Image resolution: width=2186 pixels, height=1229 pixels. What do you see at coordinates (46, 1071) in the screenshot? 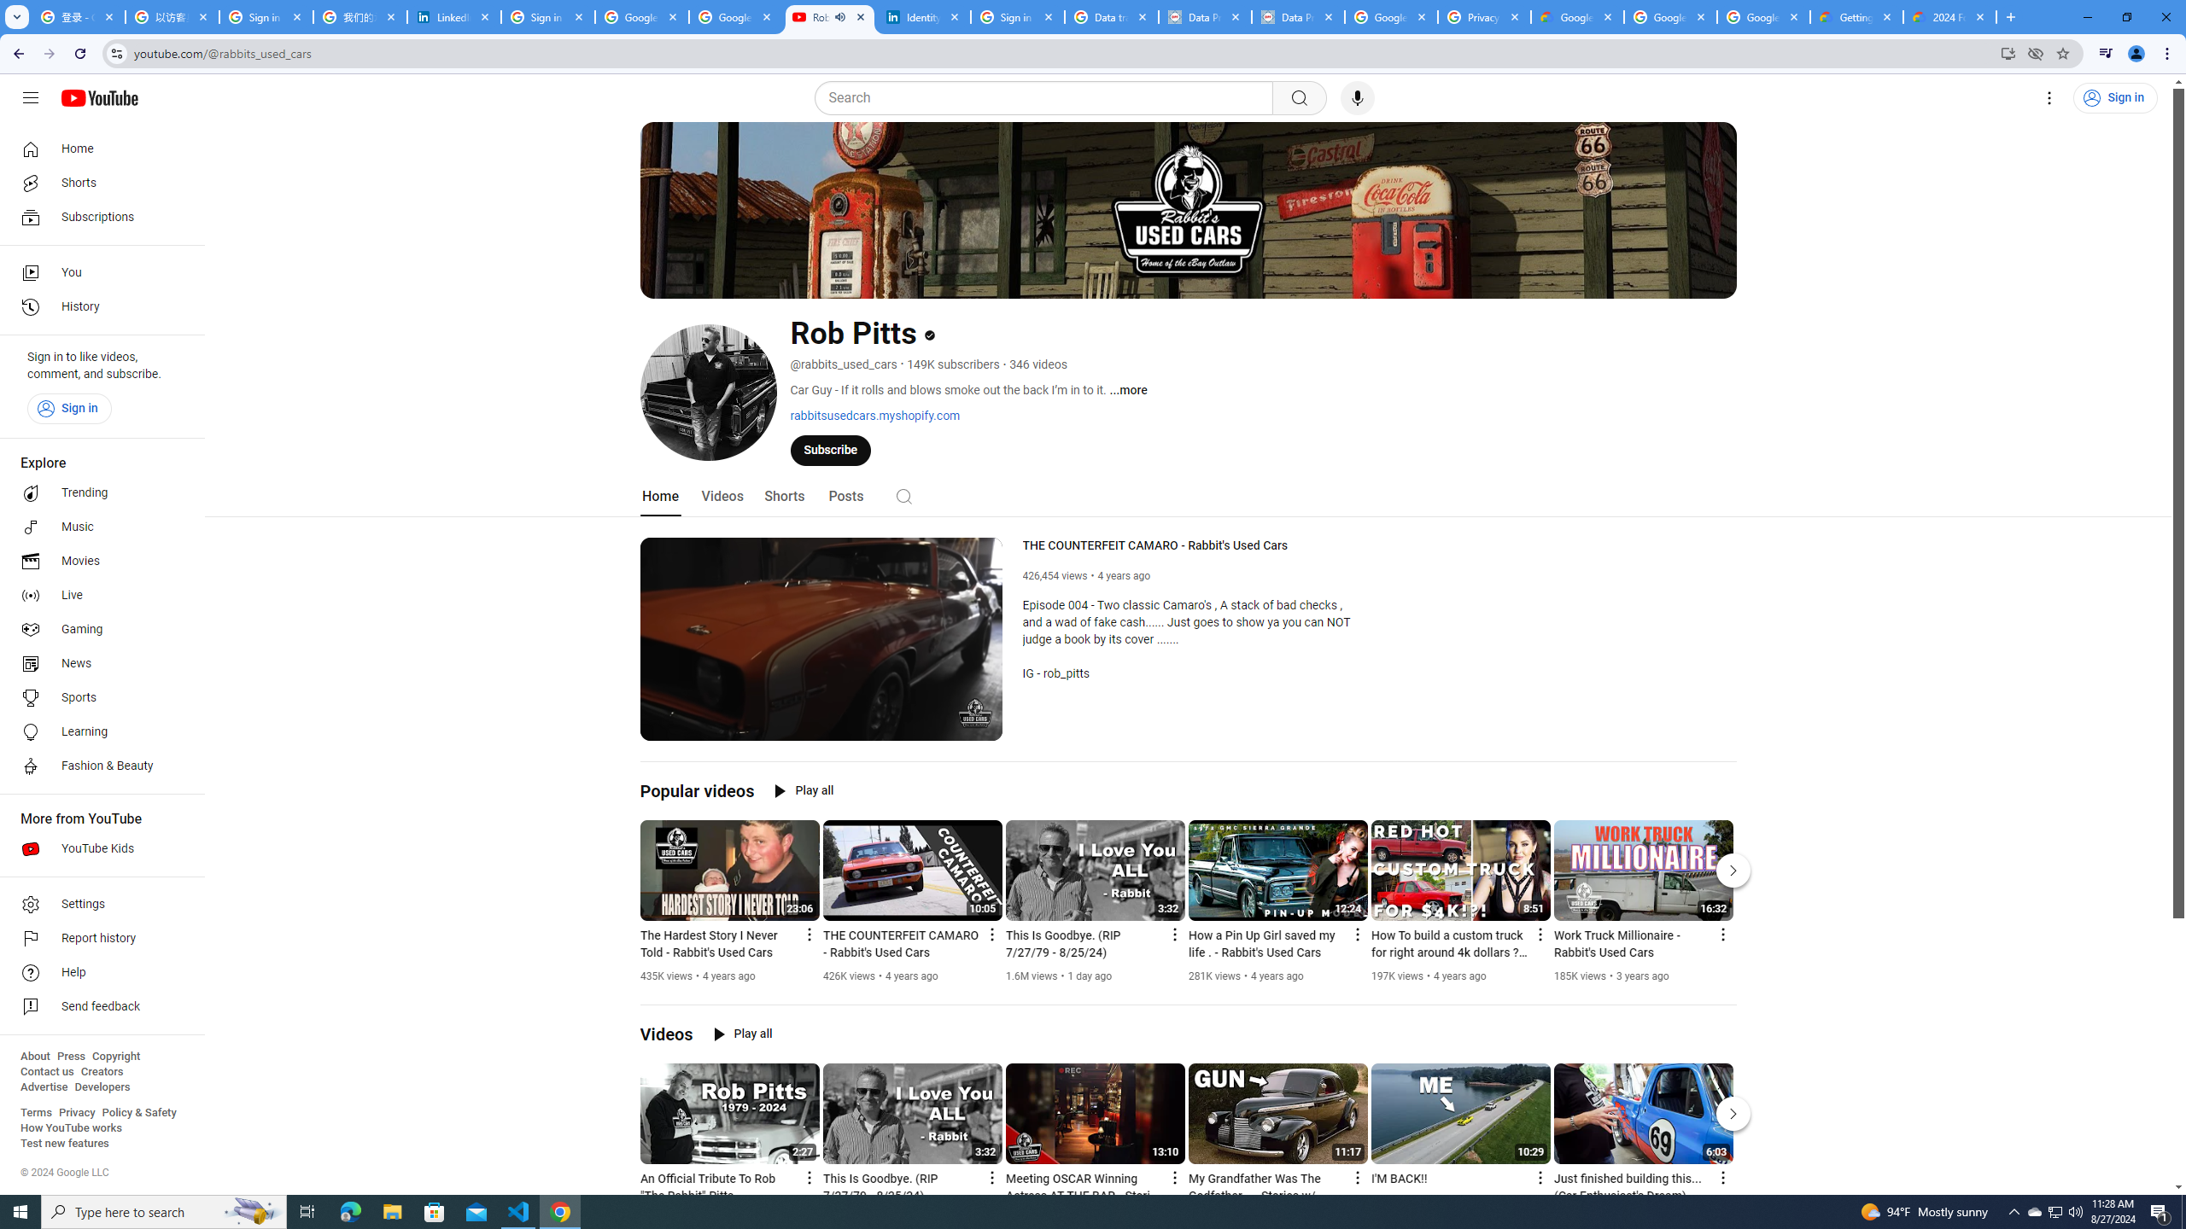
I see `'Contact us'` at bounding box center [46, 1071].